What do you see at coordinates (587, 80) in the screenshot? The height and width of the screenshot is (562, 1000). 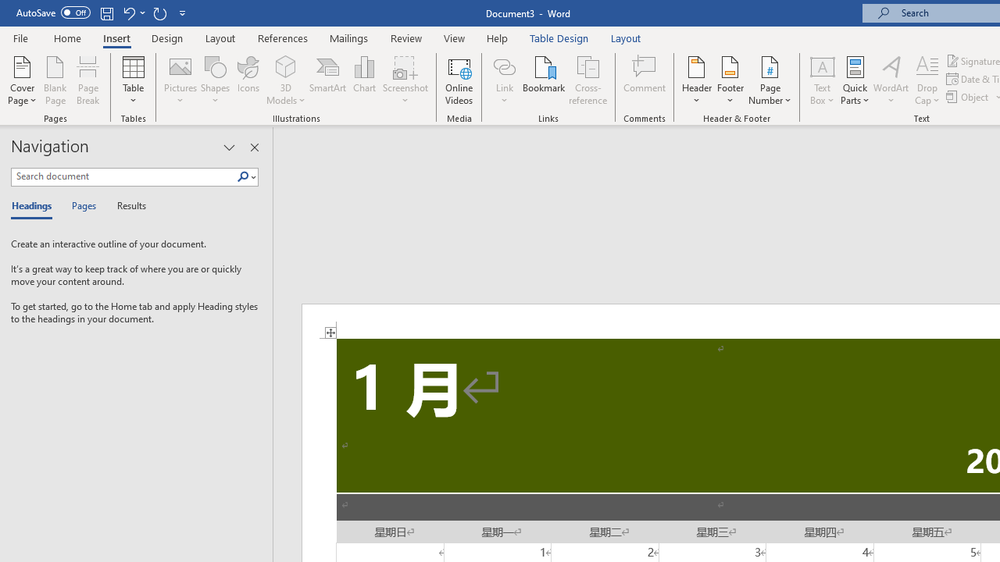 I see `'Cross-reference...'` at bounding box center [587, 80].